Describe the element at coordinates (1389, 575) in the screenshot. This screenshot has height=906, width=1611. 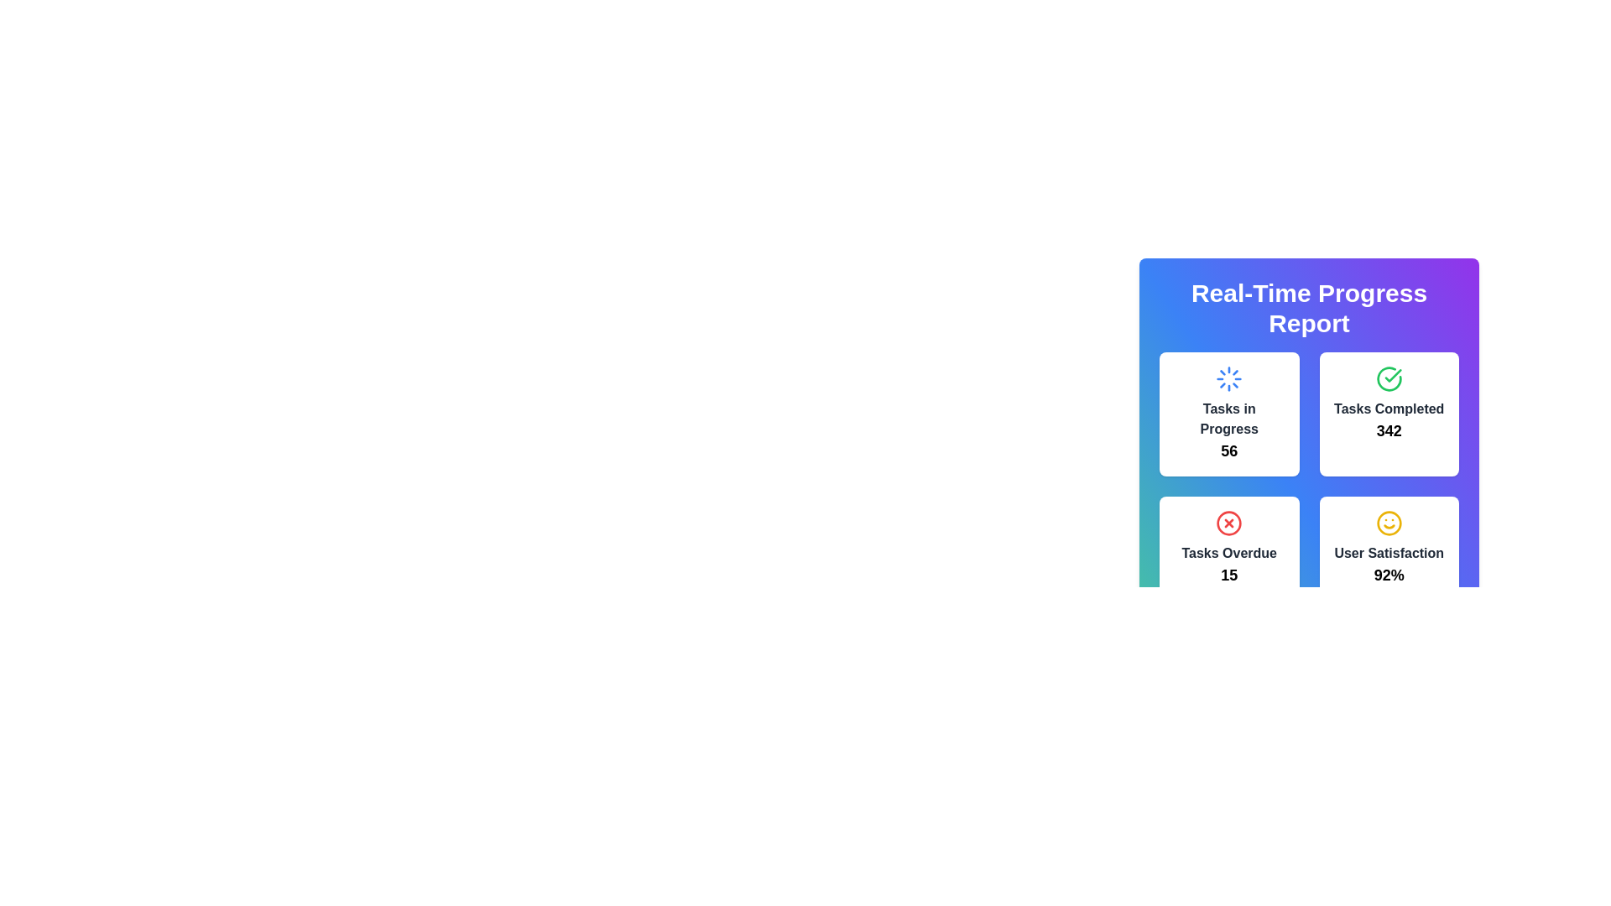
I see `the bold text '92%' displayed in large font size and black color, located at the bottom of the user satisfaction card in the bottom-right corner of a 2x2 grid layout` at that location.